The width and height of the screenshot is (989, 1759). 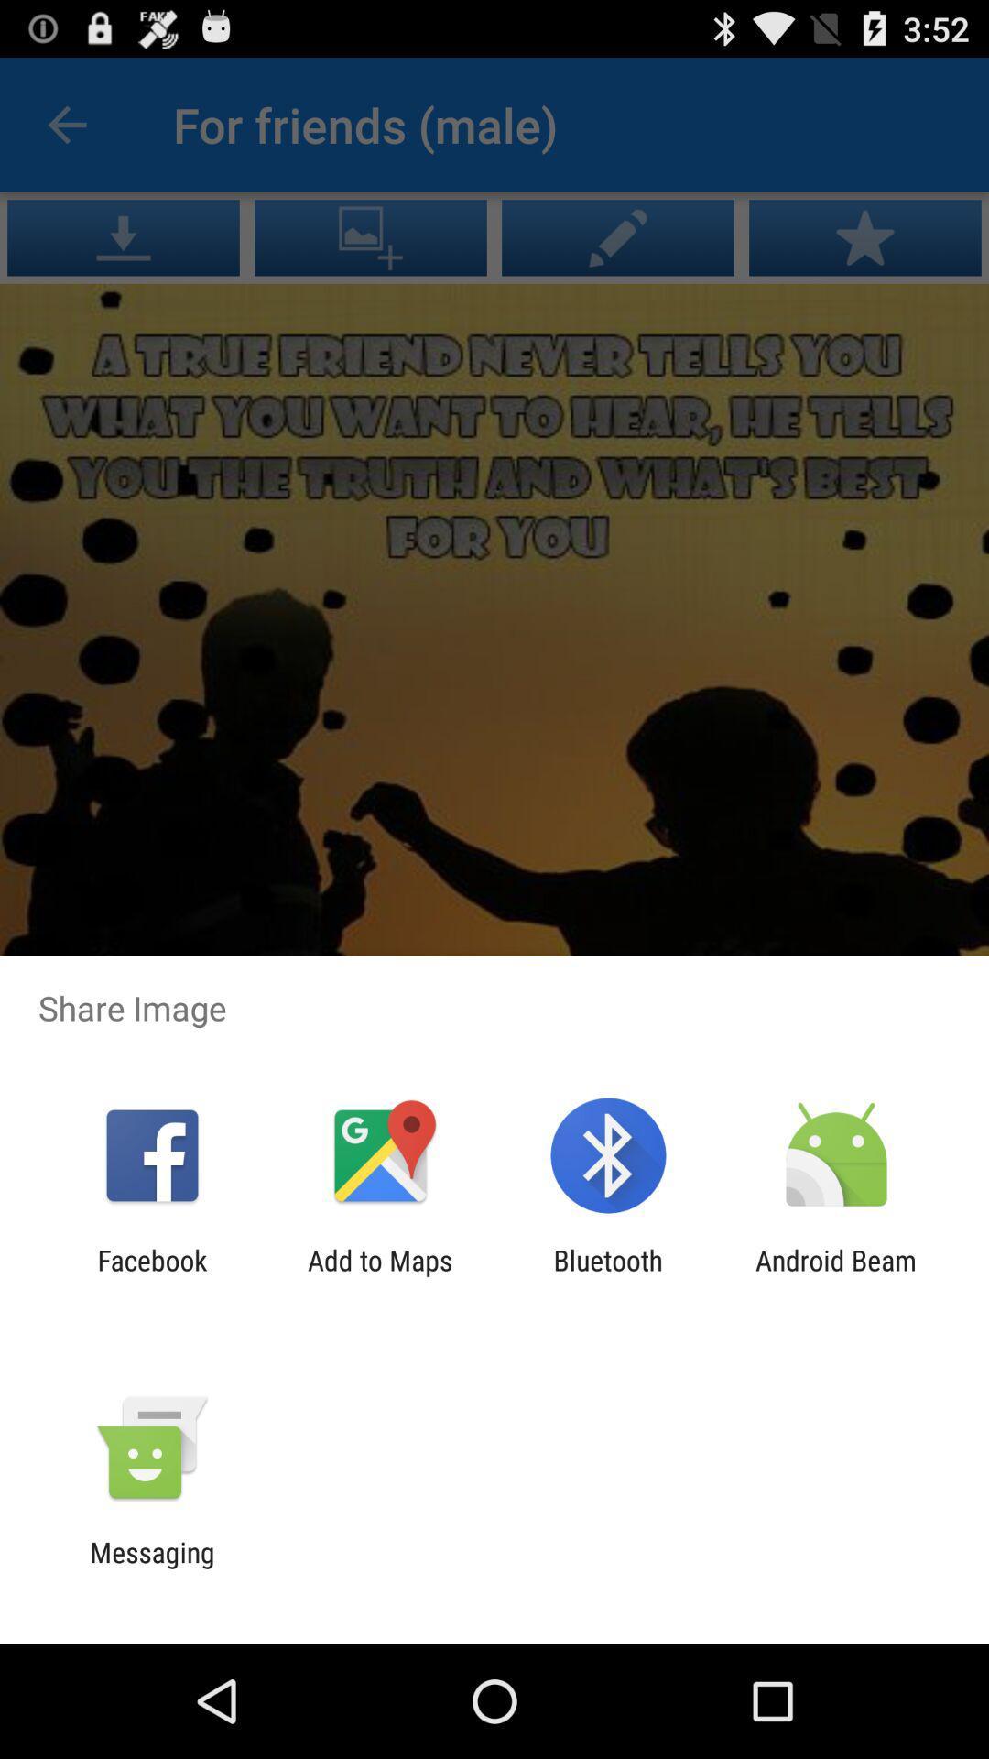 What do you see at coordinates (608, 1275) in the screenshot?
I see `the item to the left of the android beam` at bounding box center [608, 1275].